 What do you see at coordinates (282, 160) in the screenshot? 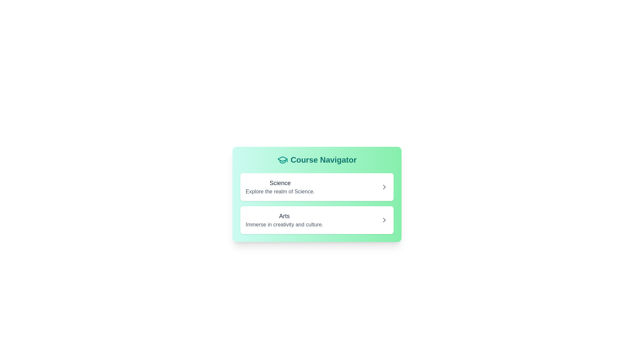
I see `the teal graduation cap icon located to the left of the 'Course Navigator' text in the header area of the card-like interface` at bounding box center [282, 160].